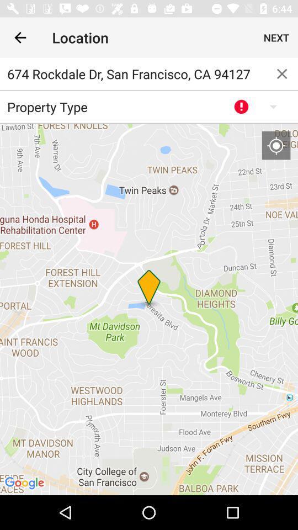 The image size is (298, 530). Describe the element at coordinates (149, 309) in the screenshot. I see `the item at the center` at that location.